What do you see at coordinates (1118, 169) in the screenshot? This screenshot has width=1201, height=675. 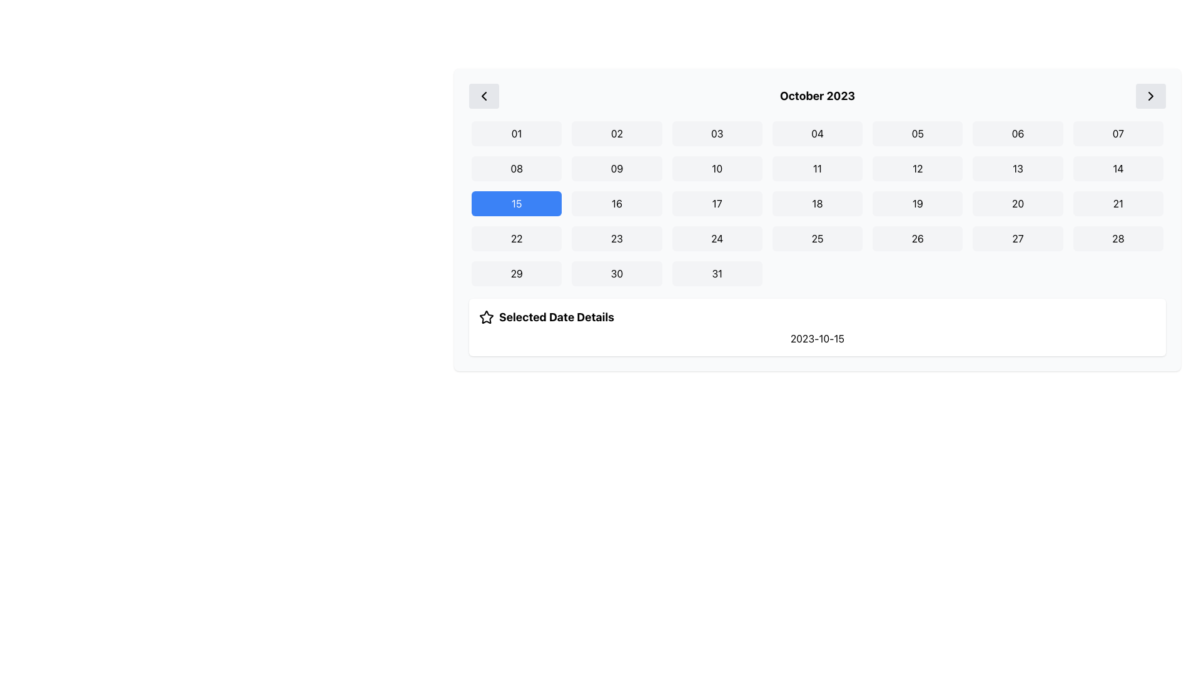 I see `the calendar day button located in the second row and seventh column` at bounding box center [1118, 169].